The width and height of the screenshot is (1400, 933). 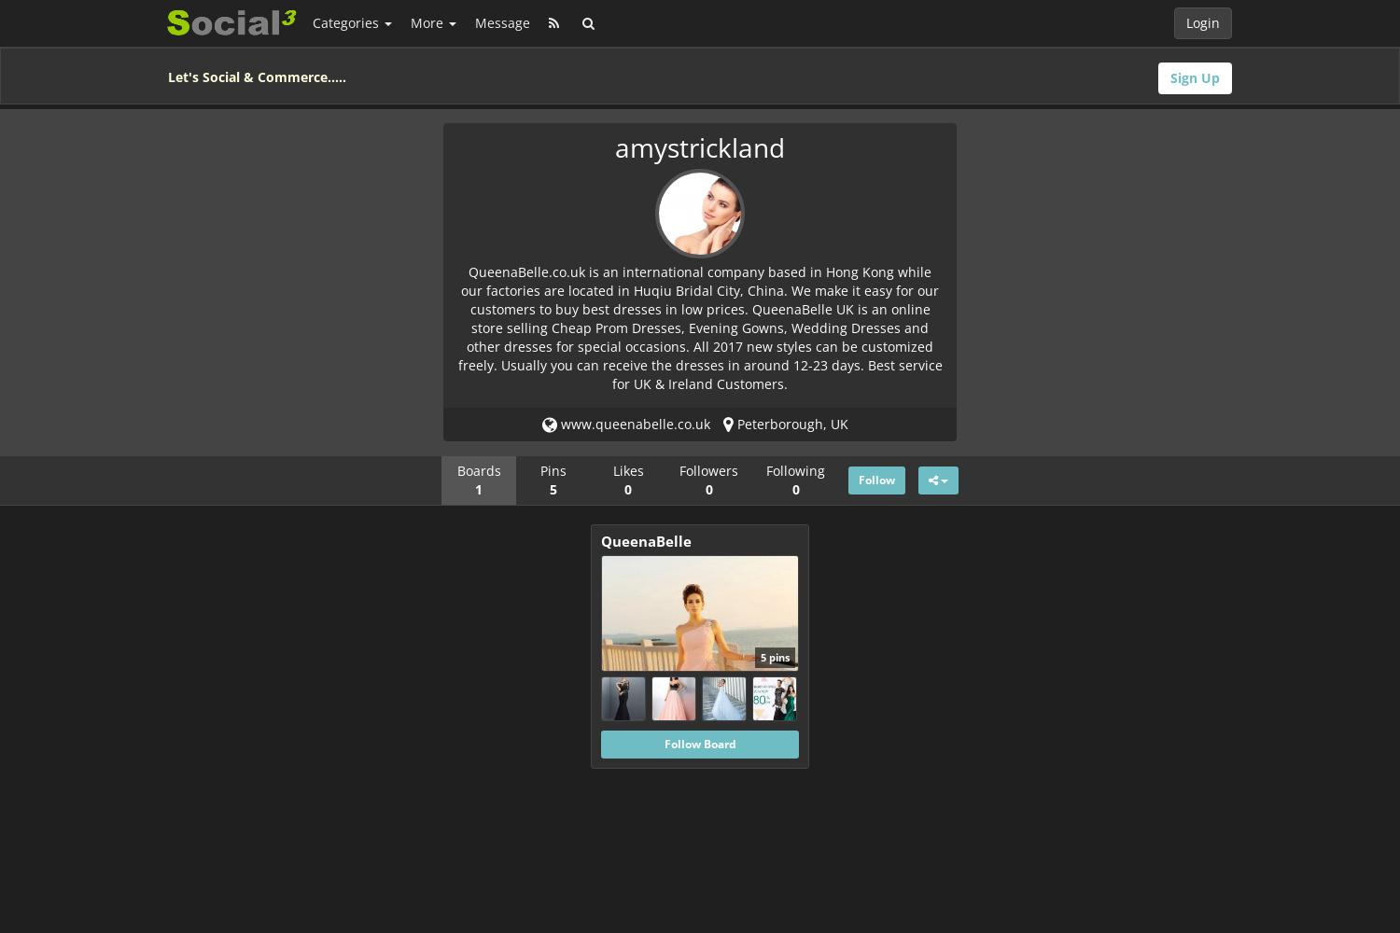 I want to click on 'amystrickland', so click(x=700, y=147).